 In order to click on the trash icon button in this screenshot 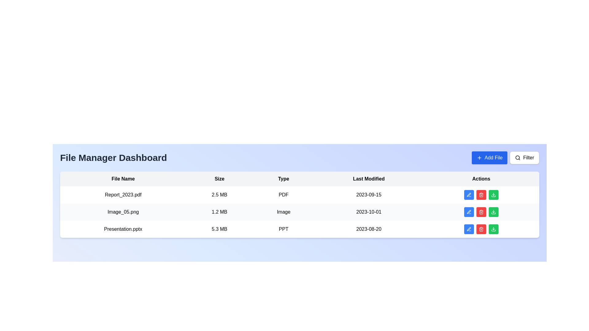, I will do `click(481, 229)`.